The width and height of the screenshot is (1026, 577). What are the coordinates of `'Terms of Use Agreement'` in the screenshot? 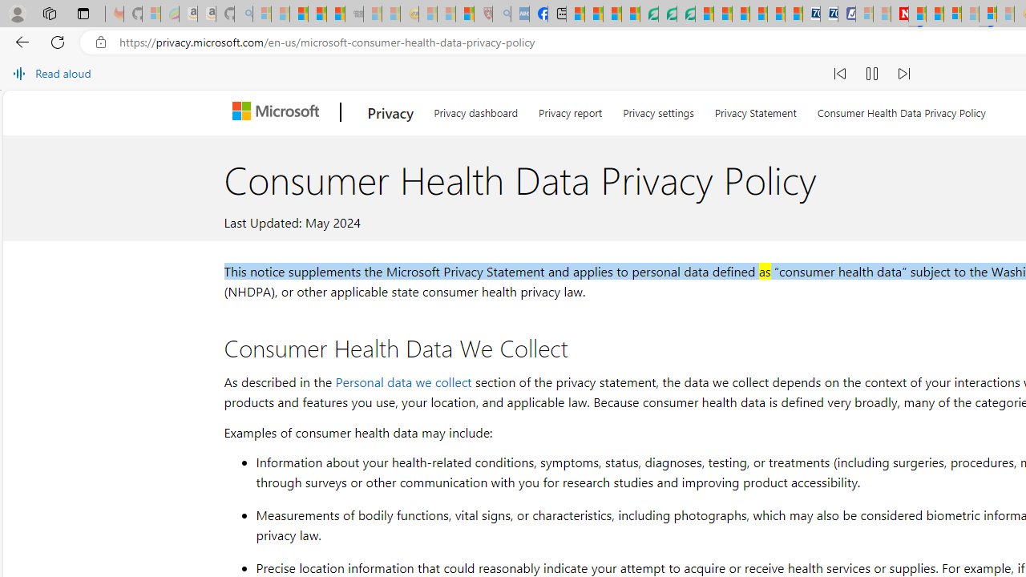 It's located at (667, 14).